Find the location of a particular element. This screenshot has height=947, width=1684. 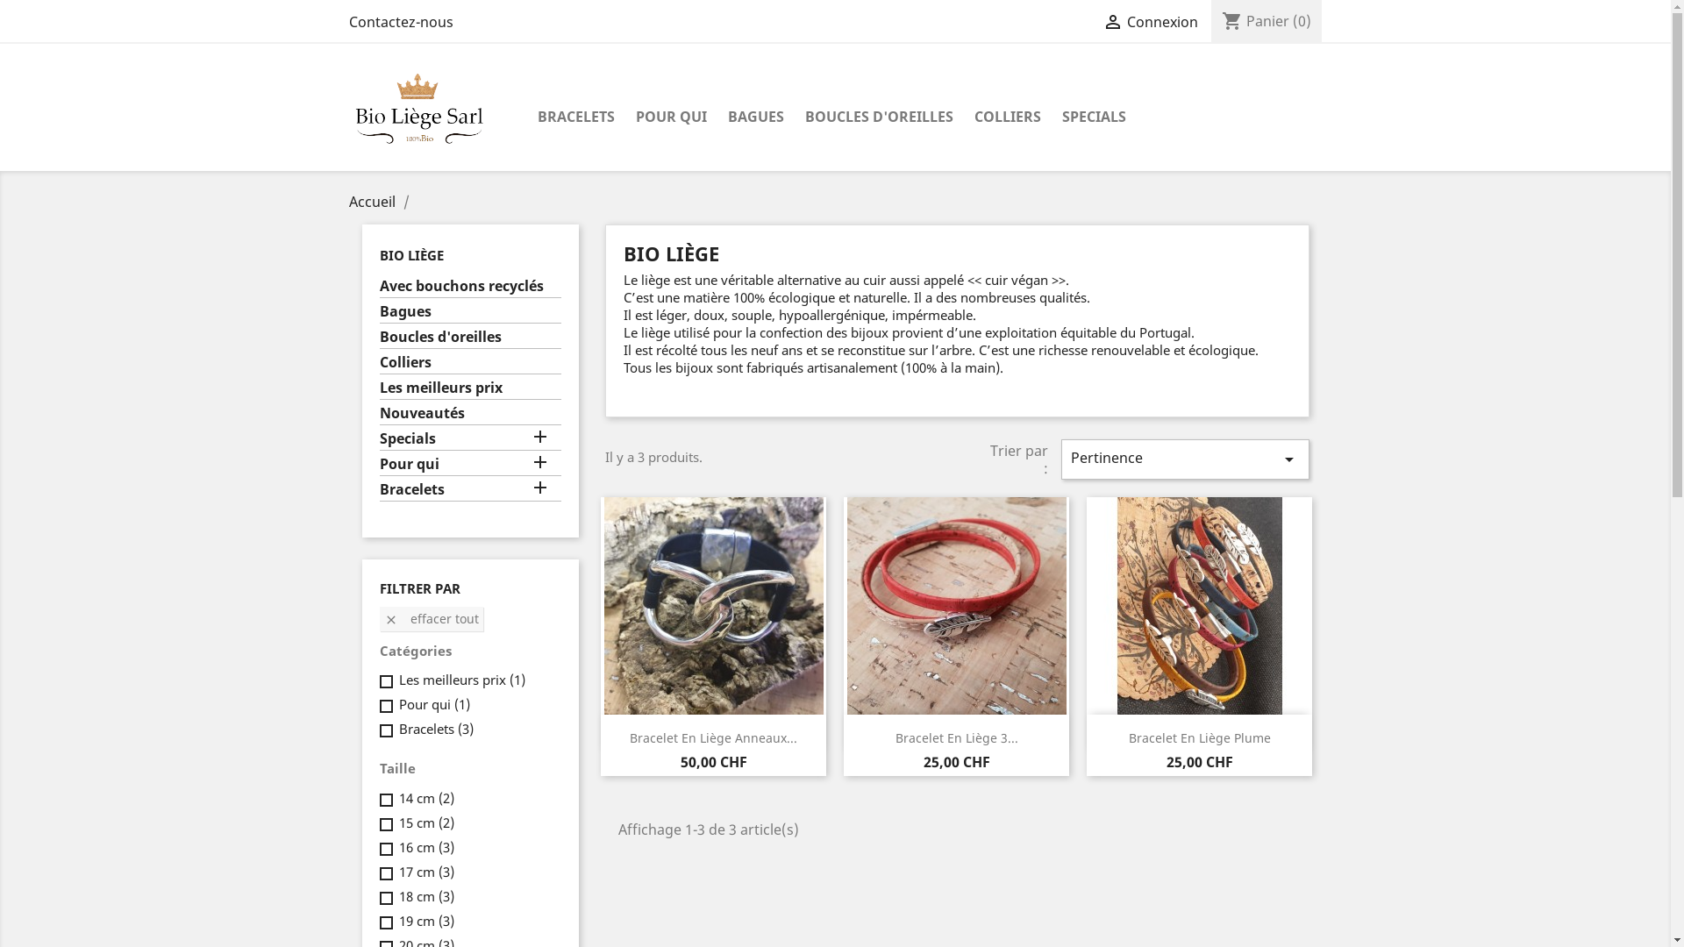

'Bracelets (3)' is located at coordinates (397, 728).